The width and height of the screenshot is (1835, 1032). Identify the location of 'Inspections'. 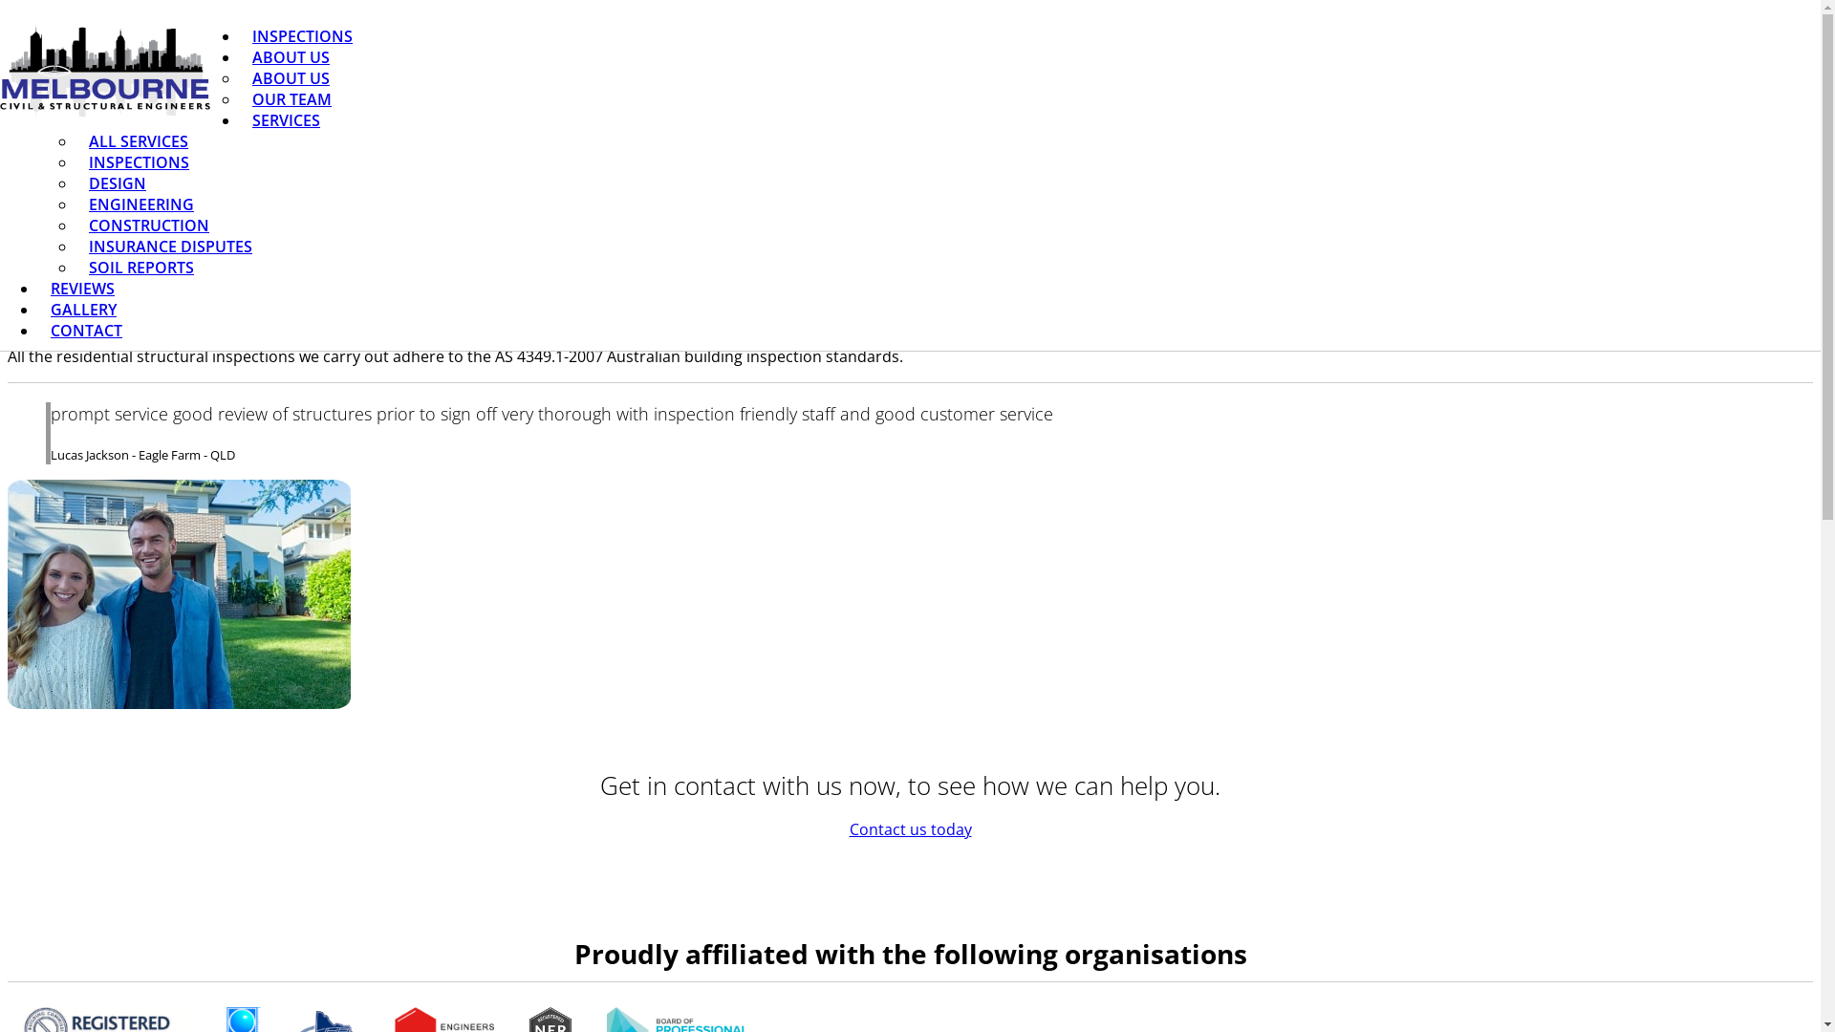
(1696, 76).